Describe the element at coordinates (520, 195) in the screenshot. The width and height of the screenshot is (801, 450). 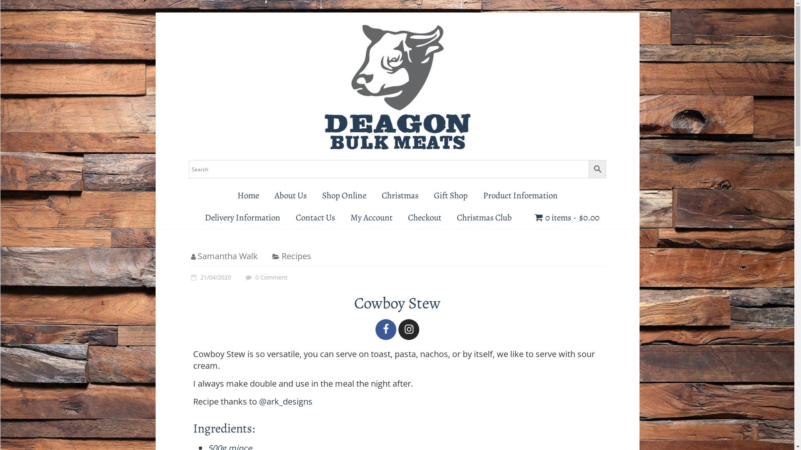
I see `'Product Information'` at that location.